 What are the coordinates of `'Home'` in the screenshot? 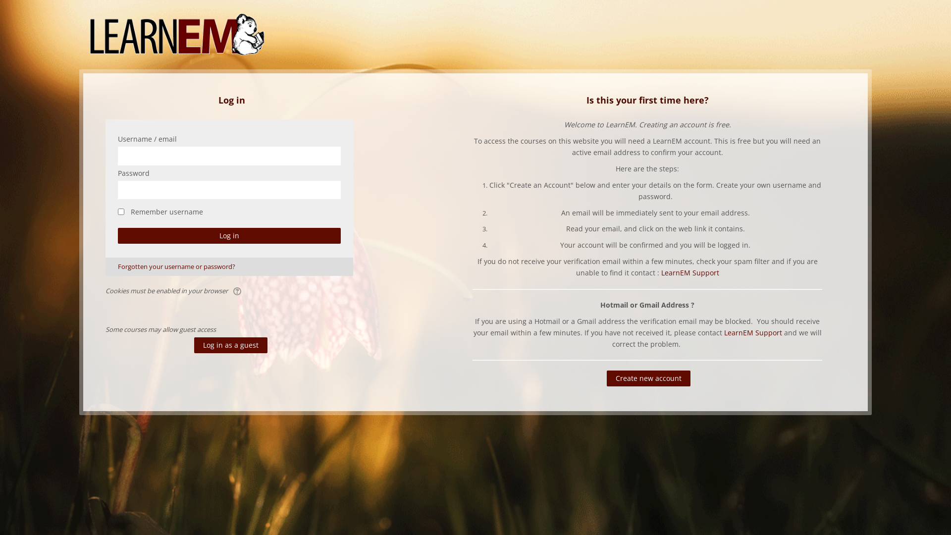 It's located at (177, 33).